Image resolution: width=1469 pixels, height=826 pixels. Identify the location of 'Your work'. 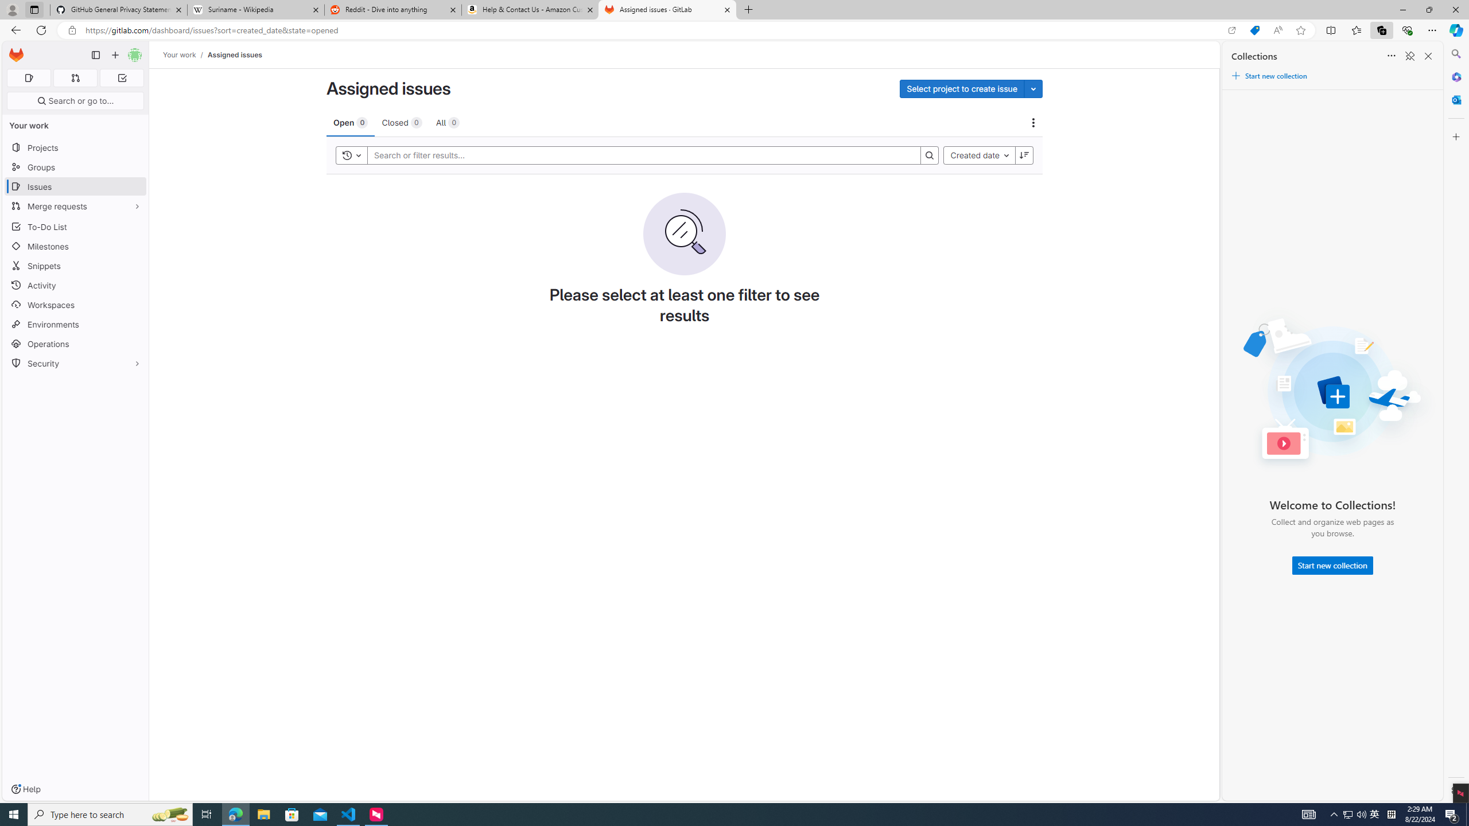
(180, 54).